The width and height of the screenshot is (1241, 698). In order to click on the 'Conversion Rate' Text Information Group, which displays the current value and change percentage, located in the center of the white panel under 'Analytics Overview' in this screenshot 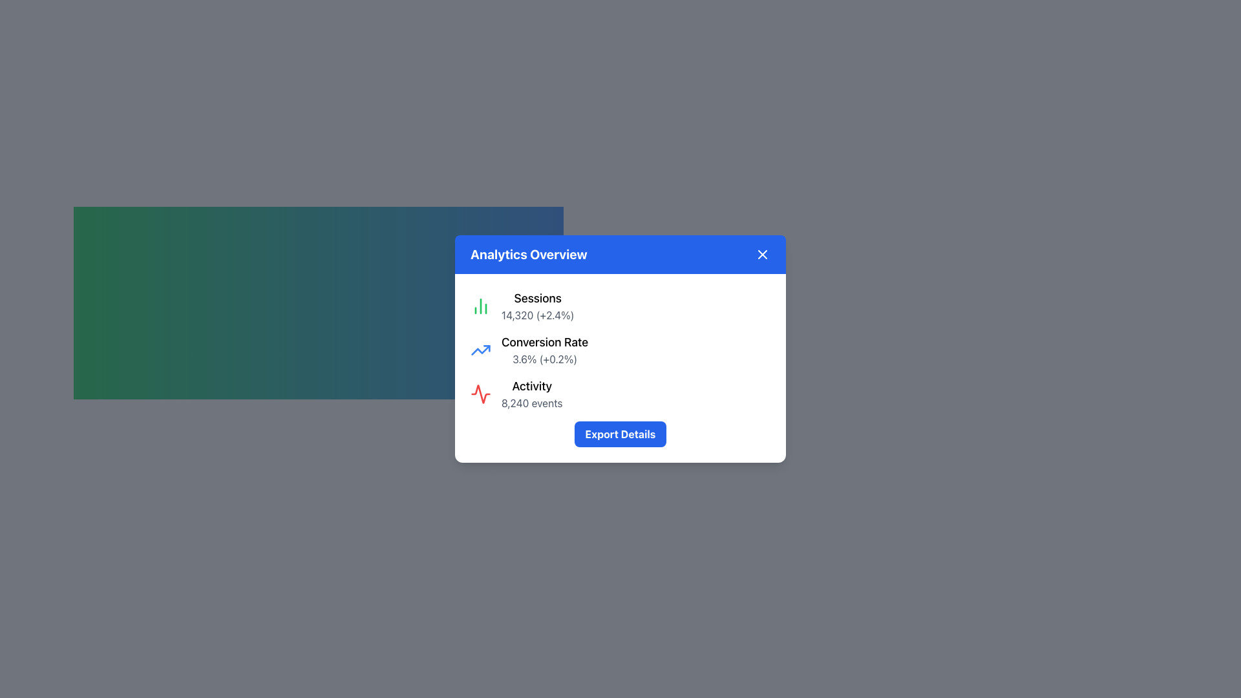, I will do `click(545, 350)`.